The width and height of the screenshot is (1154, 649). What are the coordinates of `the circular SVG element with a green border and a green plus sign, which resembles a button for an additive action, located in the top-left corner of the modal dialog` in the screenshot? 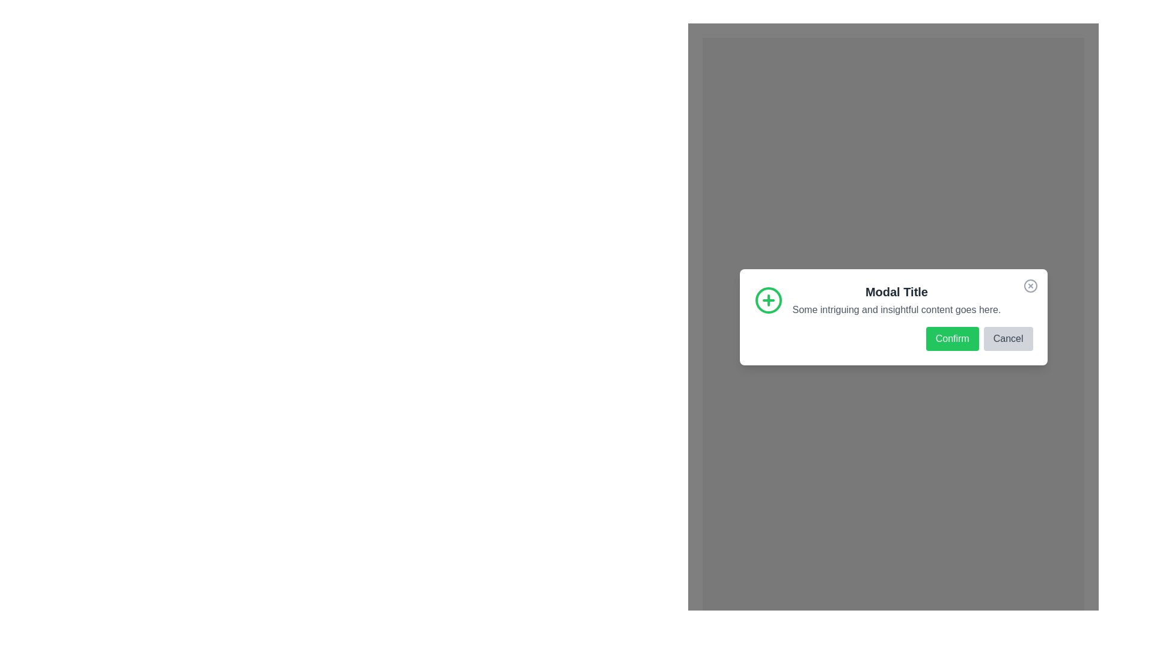 It's located at (768, 299).